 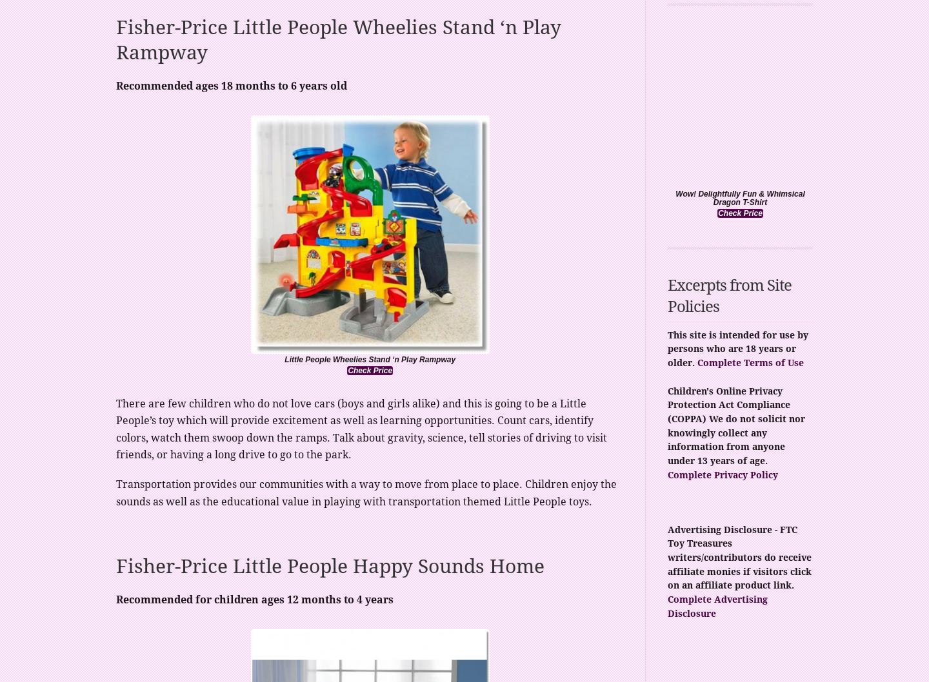 I want to click on 'There are few children who do not love cars (boys and girls alike) and this is going to be a Little People’s toy which will provide excitement as well as learning opportunities.  Count cars, identify colors, watch them swoop down the ramps.  Talk about gravity, science, tell stories of driving to visit friends, or having a long drive to go to the park.', so click(x=361, y=428).